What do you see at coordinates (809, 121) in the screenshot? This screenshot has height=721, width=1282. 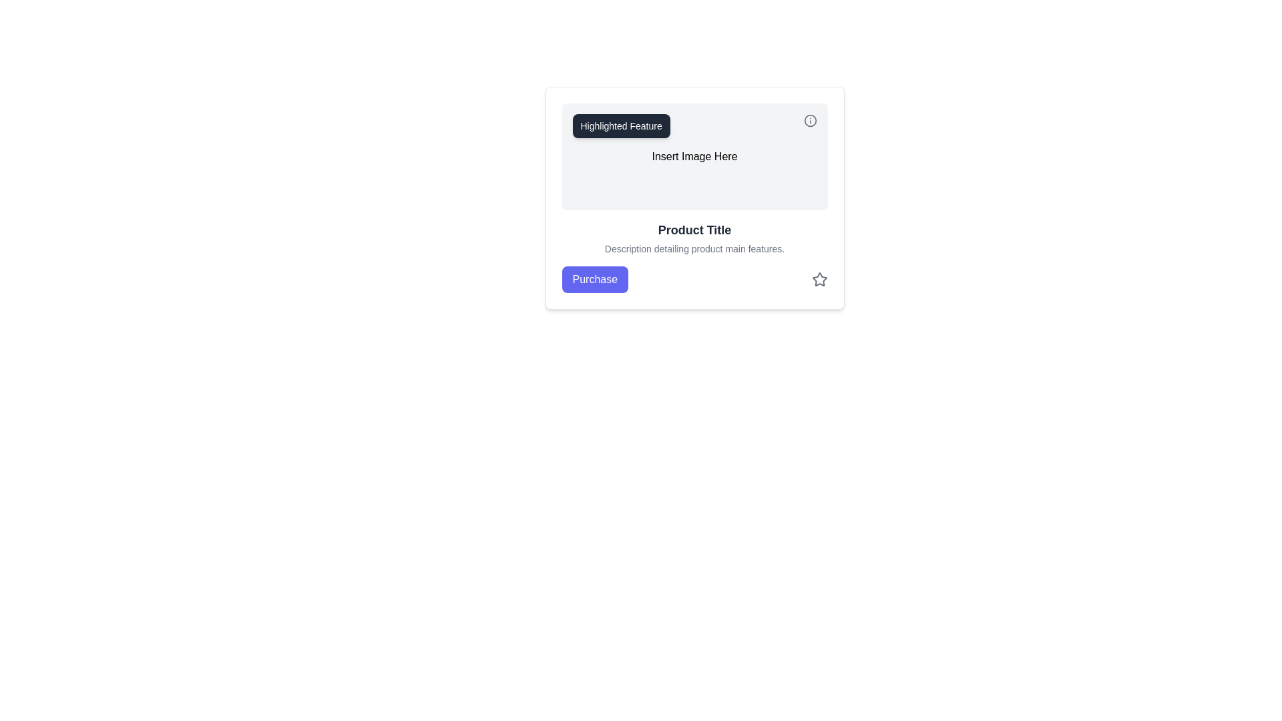 I see `the information icon located` at bounding box center [809, 121].